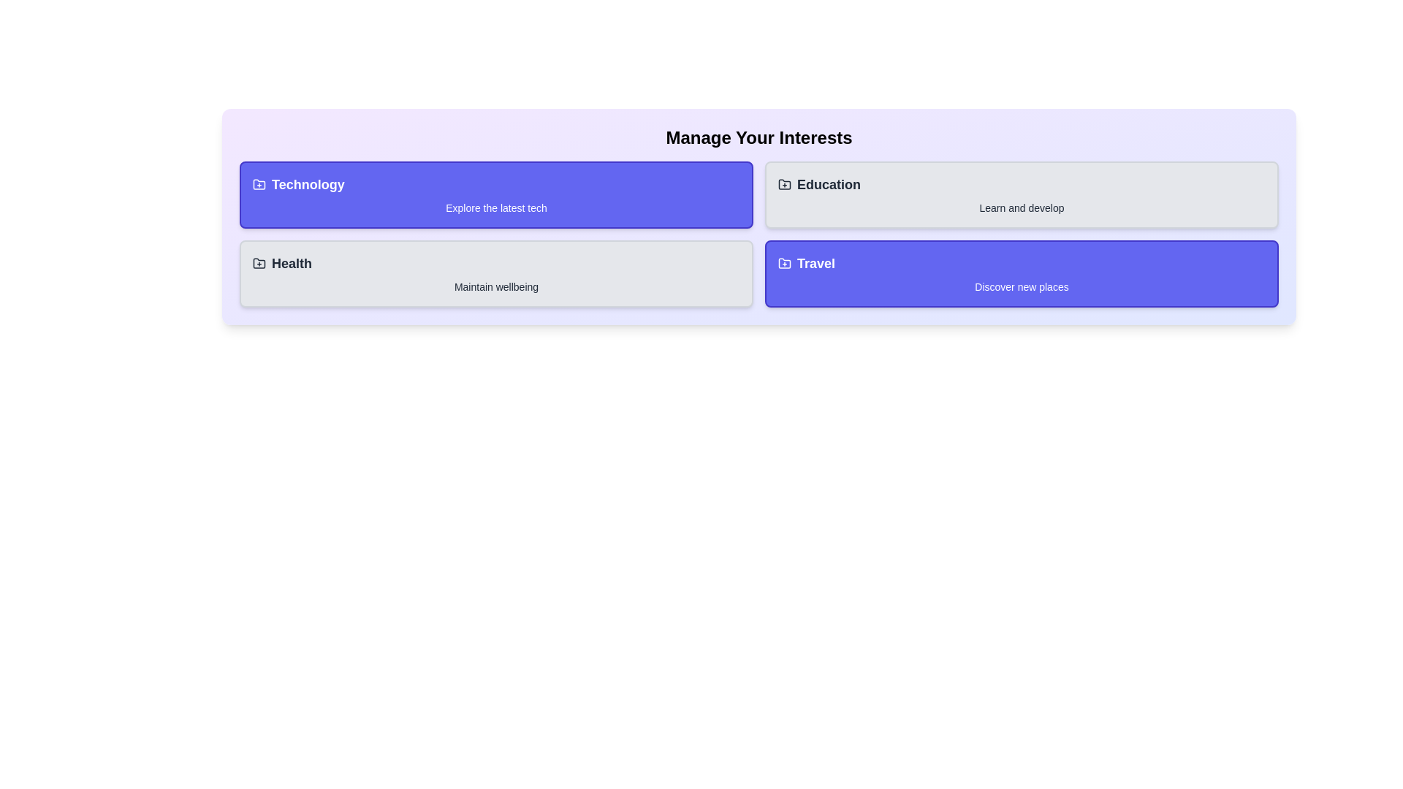  I want to click on the category Education to toggle its active status, so click(1021, 194).